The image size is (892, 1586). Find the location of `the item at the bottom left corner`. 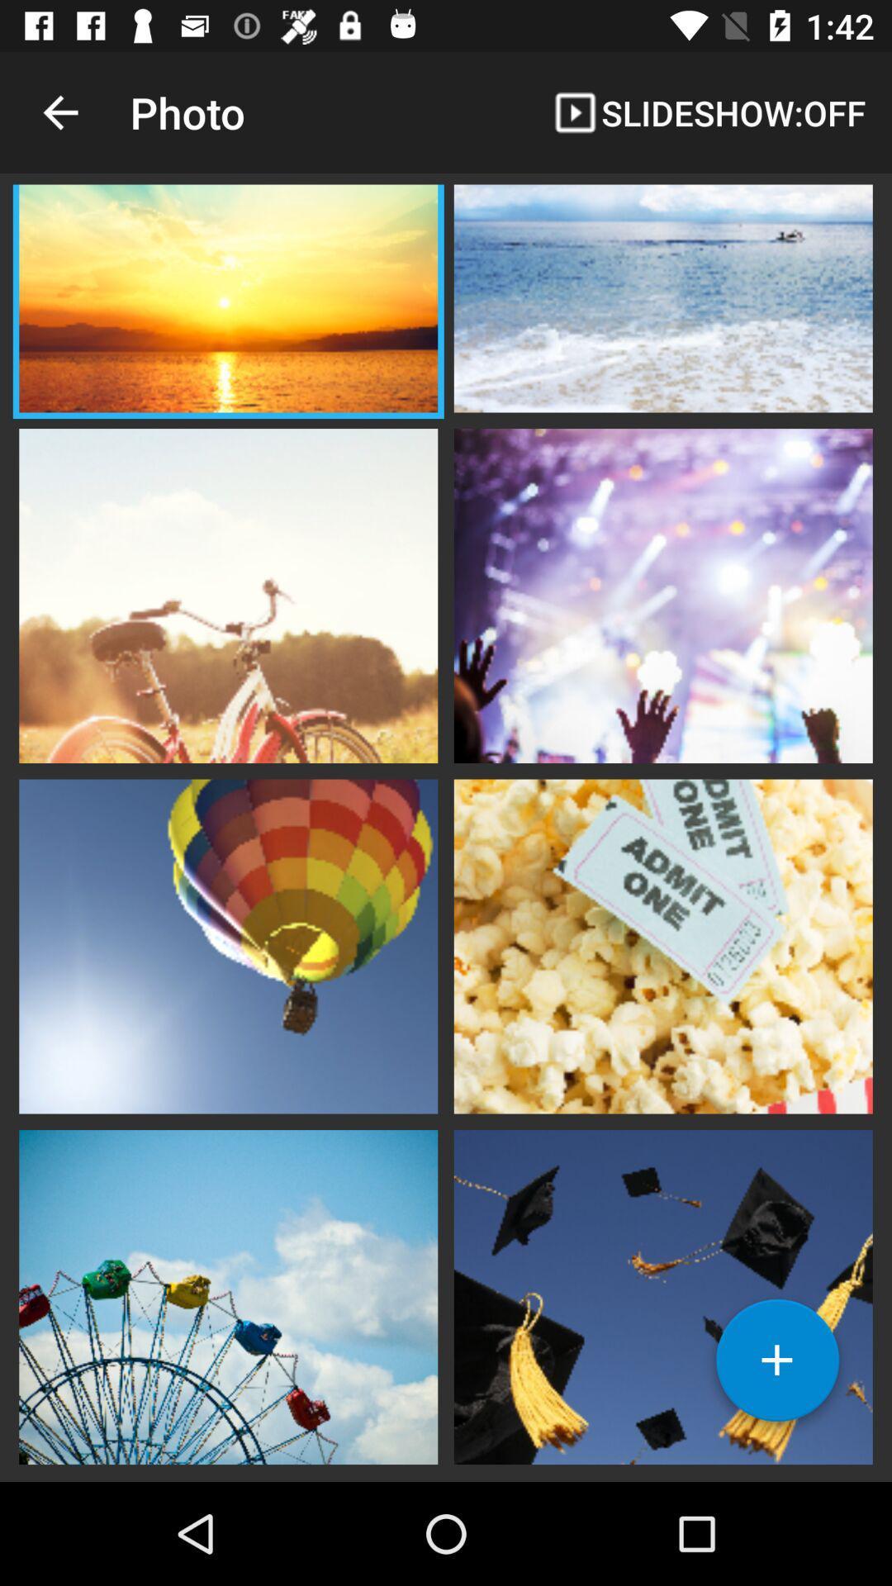

the item at the bottom left corner is located at coordinates (228, 1294).